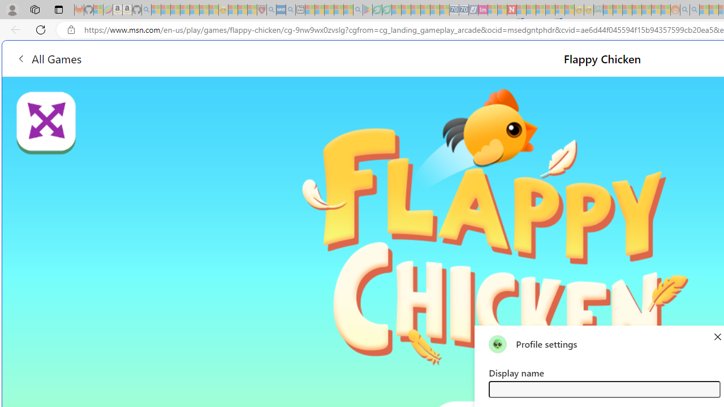 This screenshot has width=724, height=407. I want to click on 'utah sues federal government - Search - Sleeping', so click(290, 10).